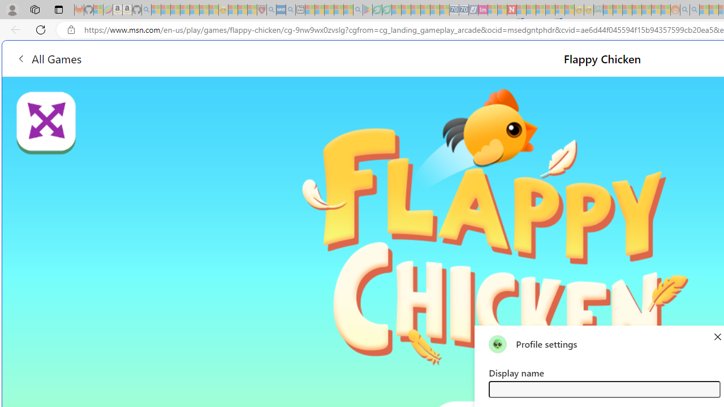 This screenshot has width=724, height=407. I want to click on 'utah sues federal government - Search - Sleeping', so click(290, 10).